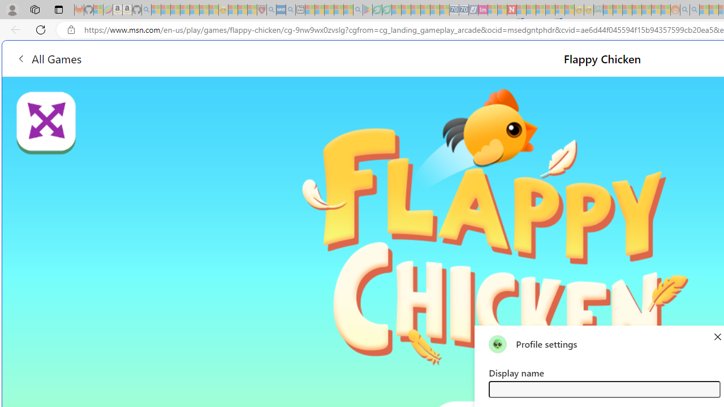 This screenshot has width=724, height=407. I want to click on 'utah sues federal government - Search - Sleeping', so click(290, 10).